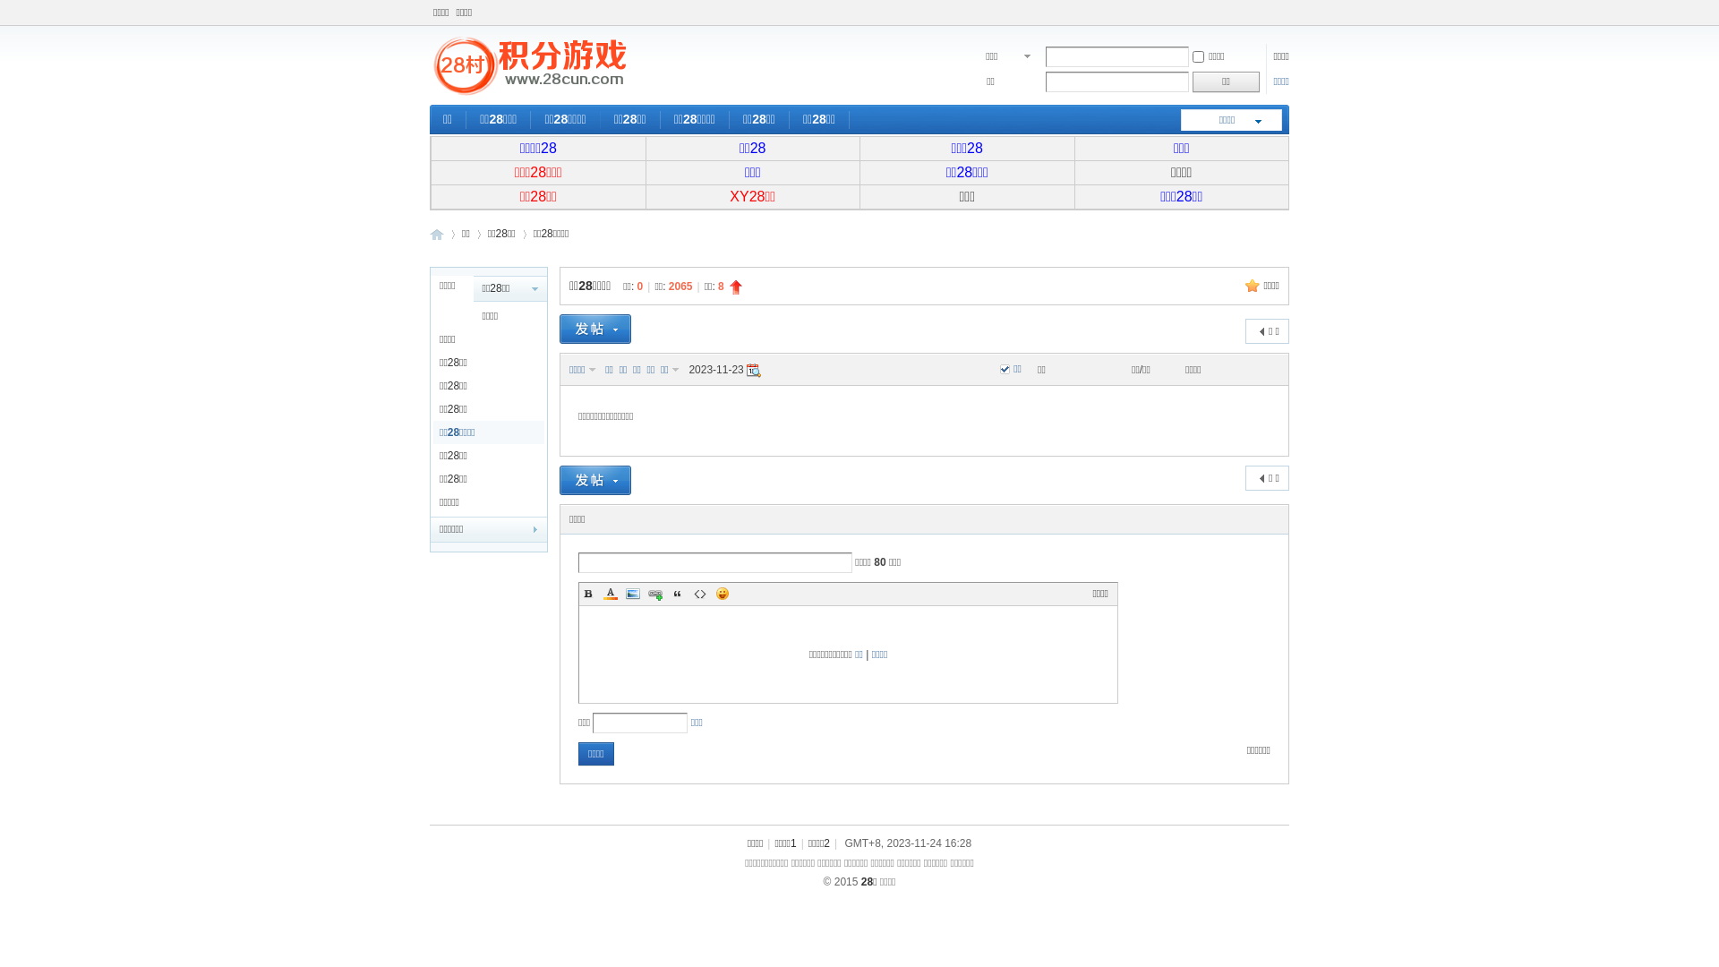 This screenshot has height=967, width=1719. Describe the element at coordinates (712, 594) in the screenshot. I see `'Smilies'` at that location.